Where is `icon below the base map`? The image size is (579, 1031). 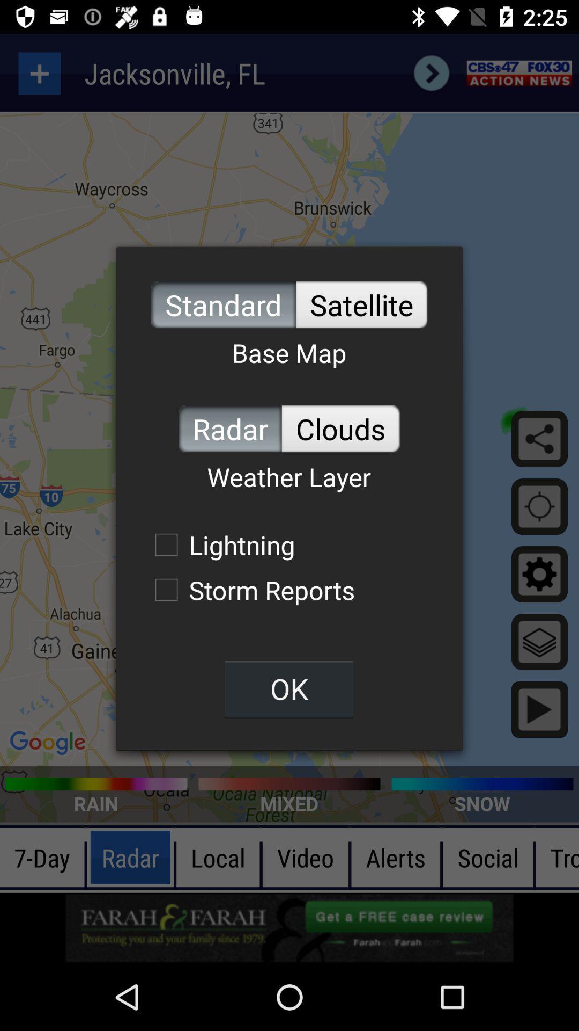 icon below the base map is located at coordinates (229, 428).